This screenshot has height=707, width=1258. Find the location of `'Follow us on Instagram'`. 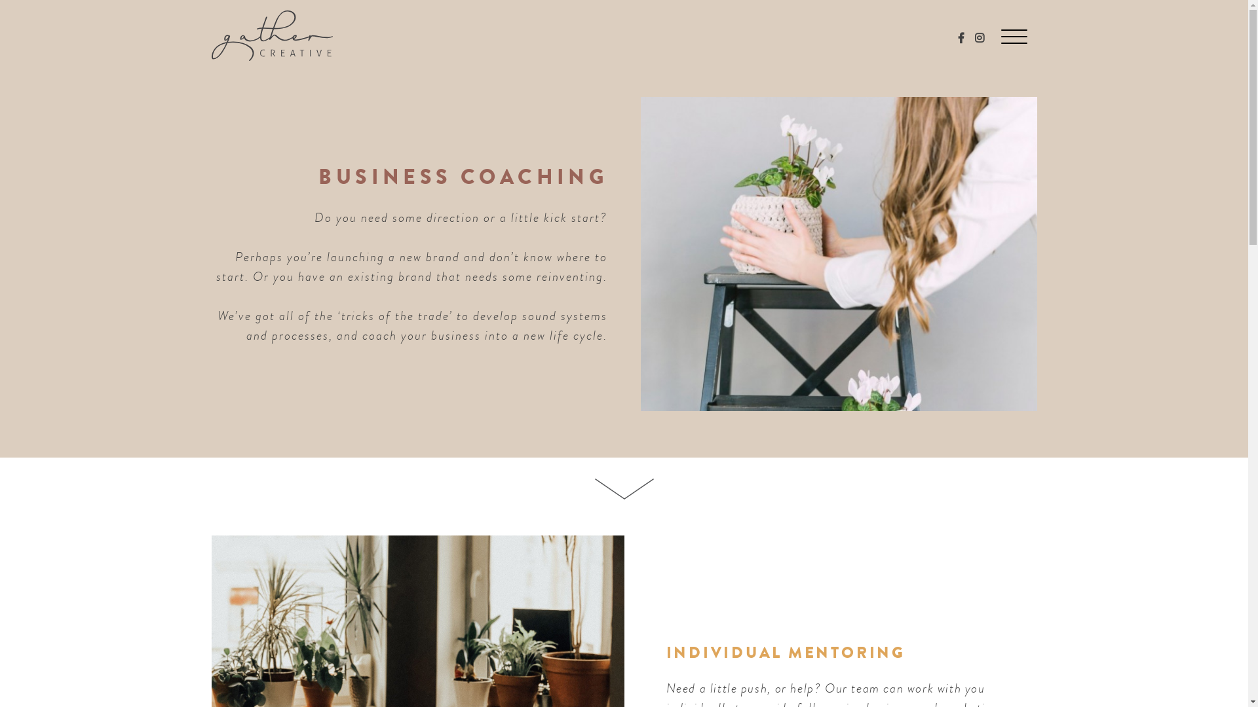

'Follow us on Instagram' is located at coordinates (980, 37).